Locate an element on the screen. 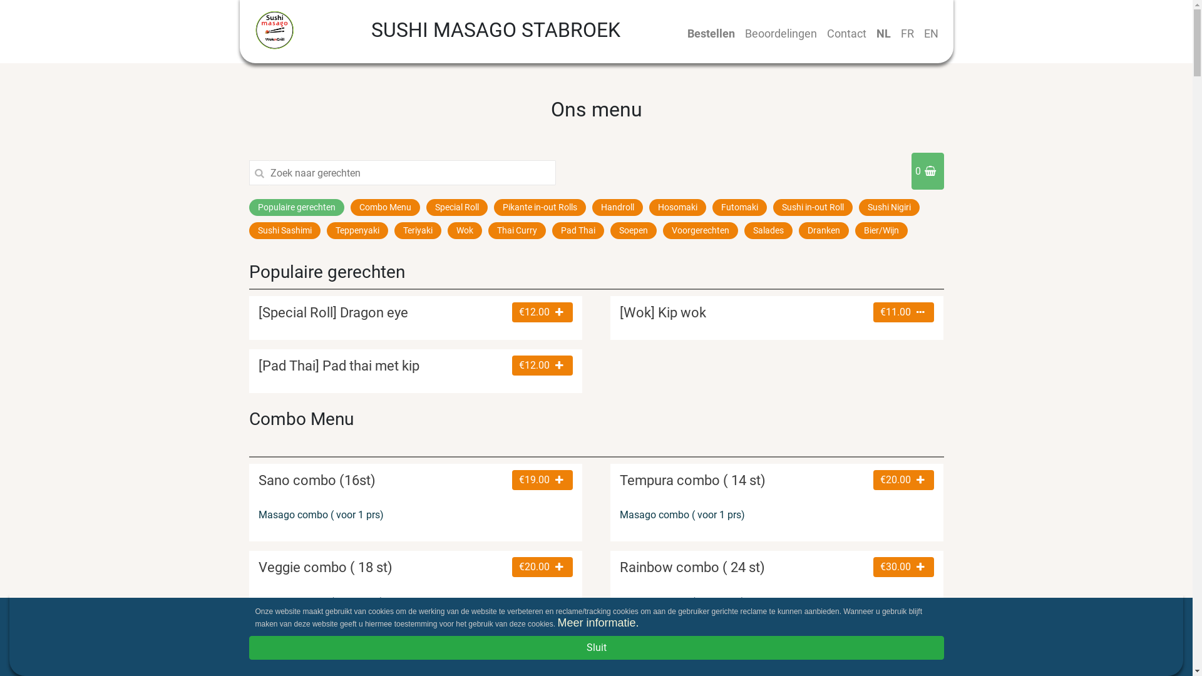 Image resolution: width=1202 pixels, height=676 pixels. 'EN' is located at coordinates (931, 33).